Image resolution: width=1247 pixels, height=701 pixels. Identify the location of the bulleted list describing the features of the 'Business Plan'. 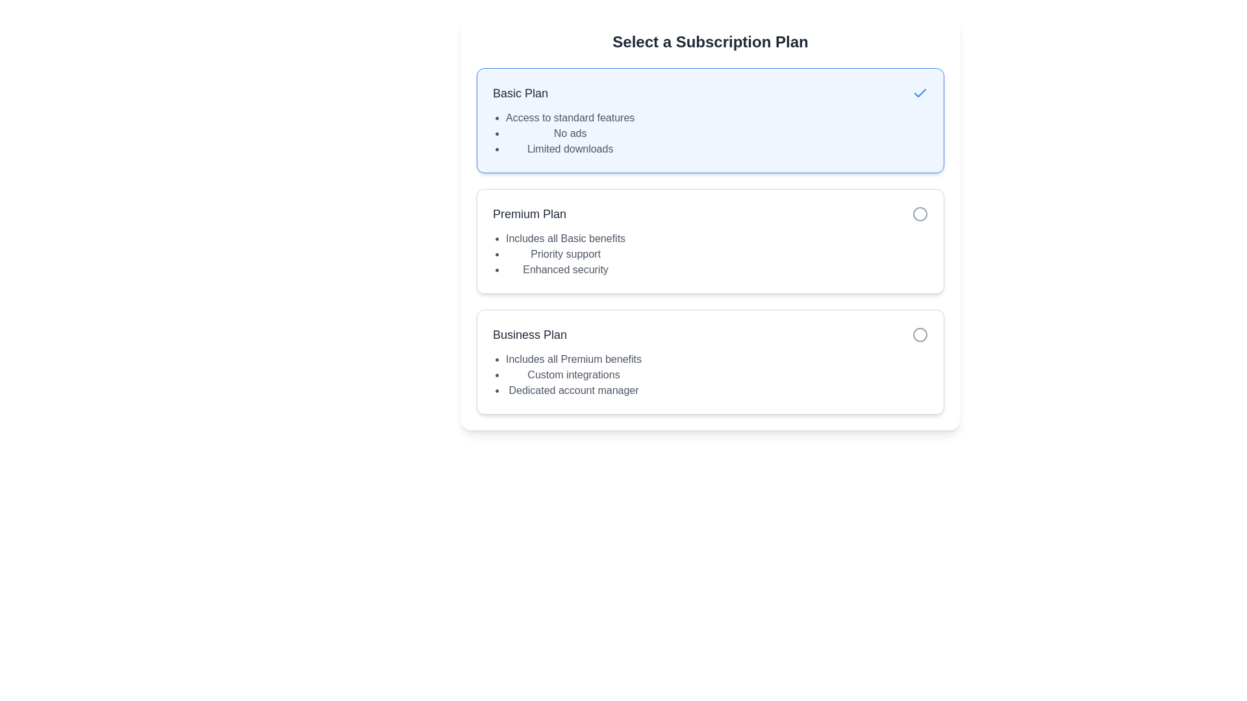
(567, 375).